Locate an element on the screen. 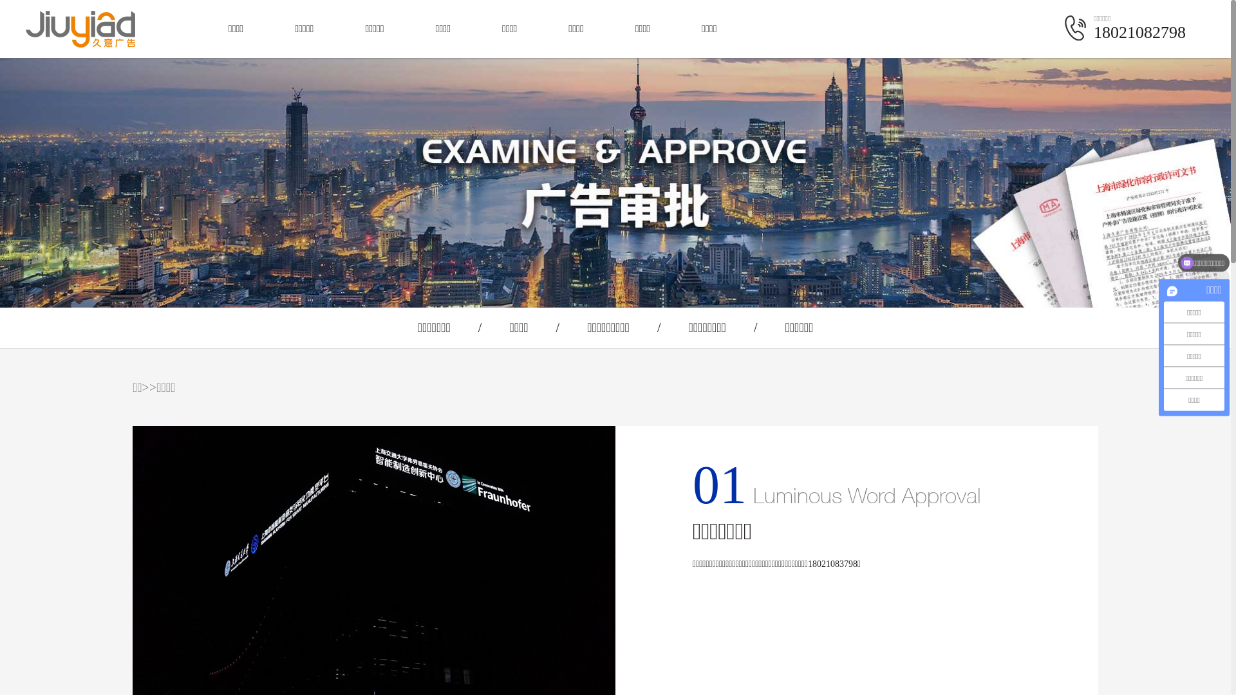 Image resolution: width=1236 pixels, height=695 pixels. '18021082798' is located at coordinates (1139, 32).